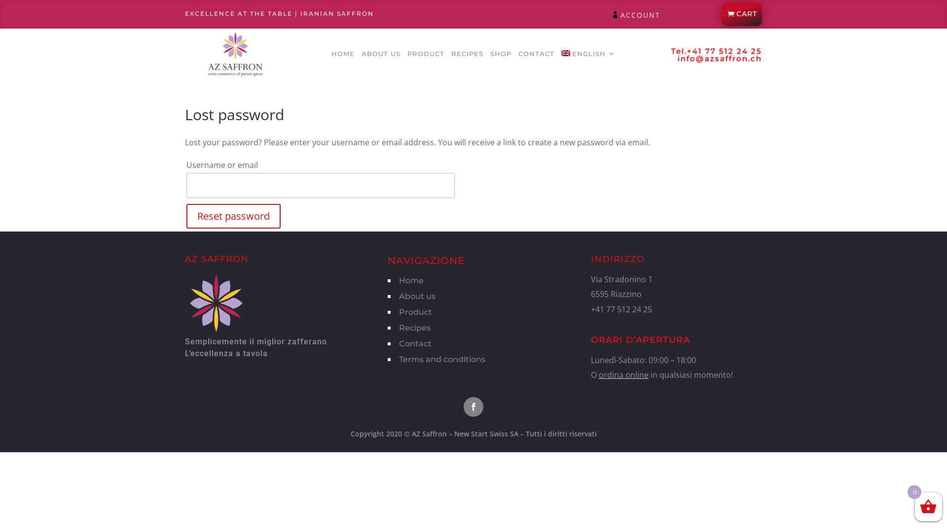 This screenshot has width=947, height=532. What do you see at coordinates (623, 374) in the screenshot?
I see `'ordina online'` at bounding box center [623, 374].